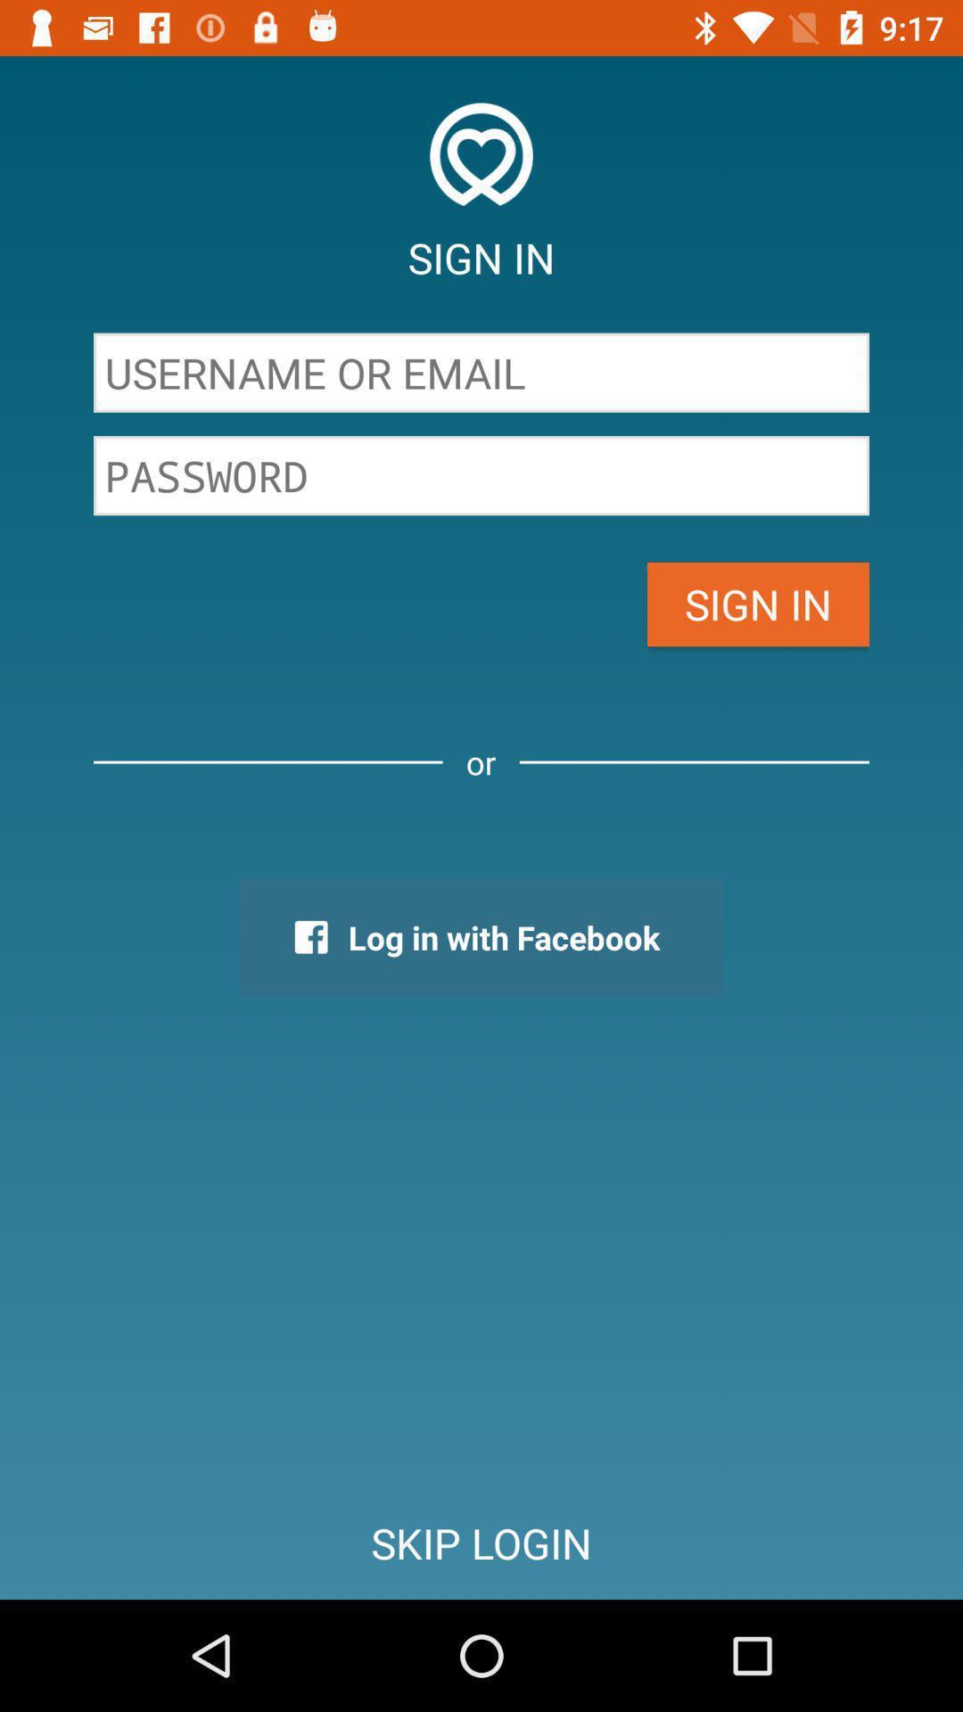 This screenshot has width=963, height=1712. What do you see at coordinates (480, 936) in the screenshot?
I see `the item below or item` at bounding box center [480, 936].